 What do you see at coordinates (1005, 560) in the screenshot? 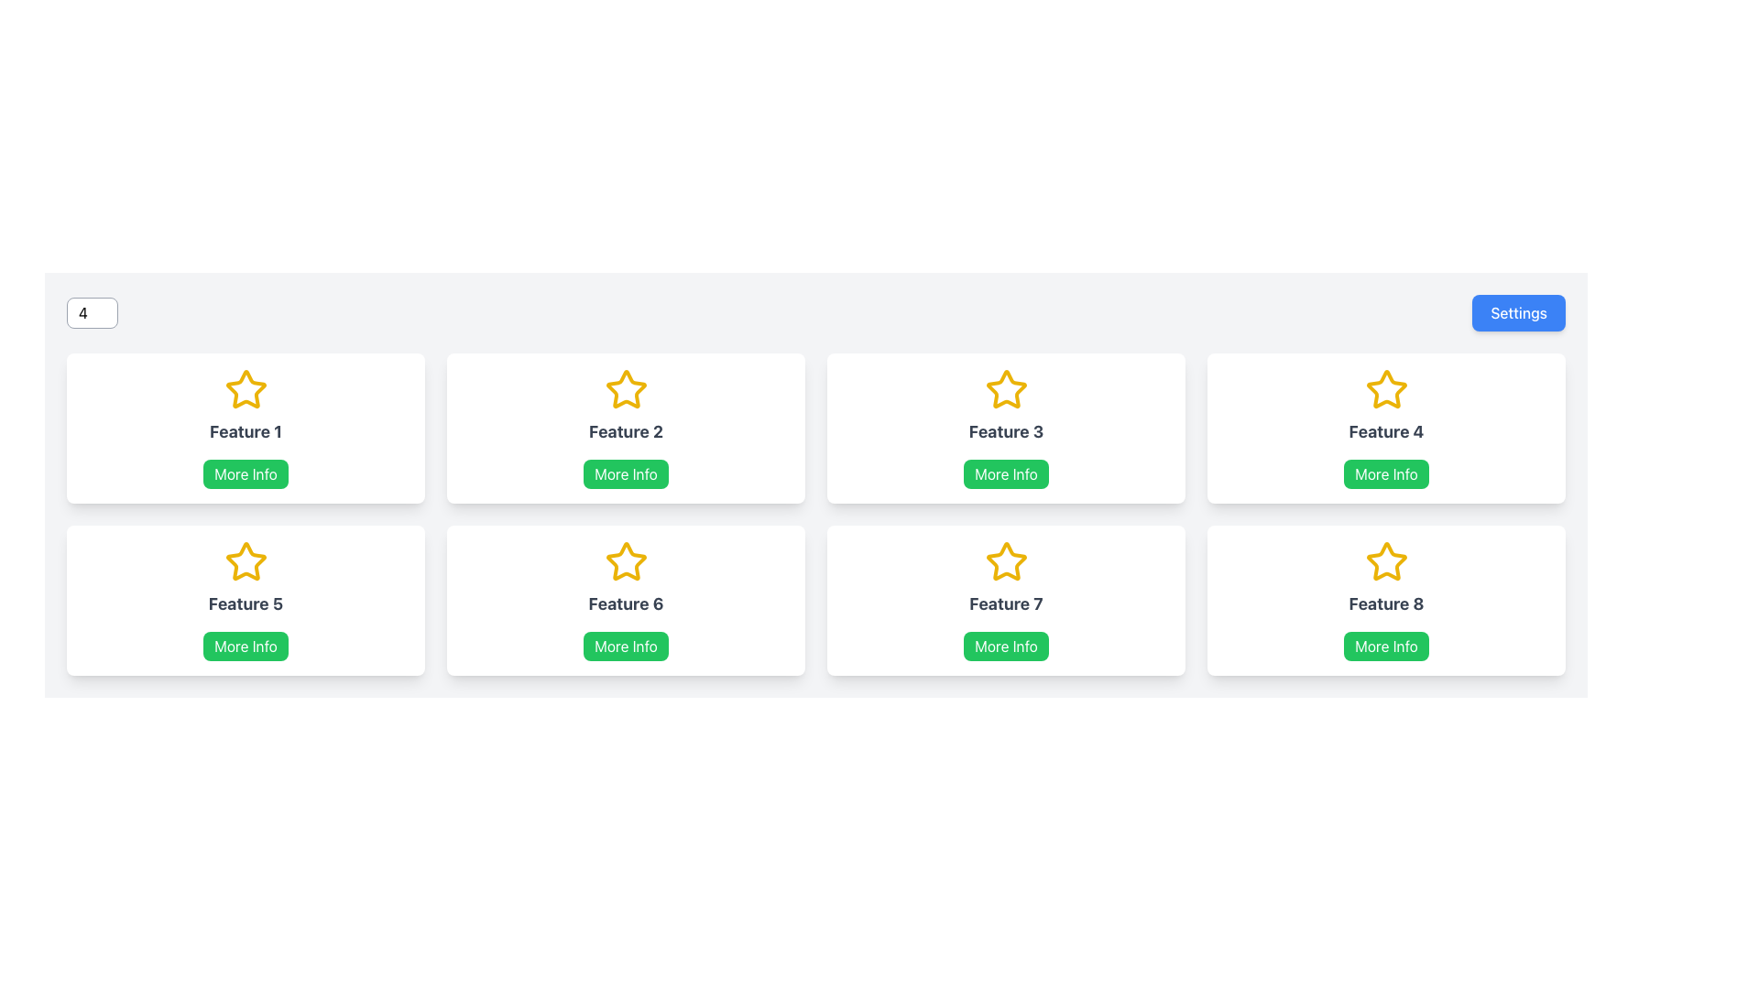
I see `the decorative icon located at the top center of the card labeled 'Feature 7' in the grid layout` at bounding box center [1005, 560].